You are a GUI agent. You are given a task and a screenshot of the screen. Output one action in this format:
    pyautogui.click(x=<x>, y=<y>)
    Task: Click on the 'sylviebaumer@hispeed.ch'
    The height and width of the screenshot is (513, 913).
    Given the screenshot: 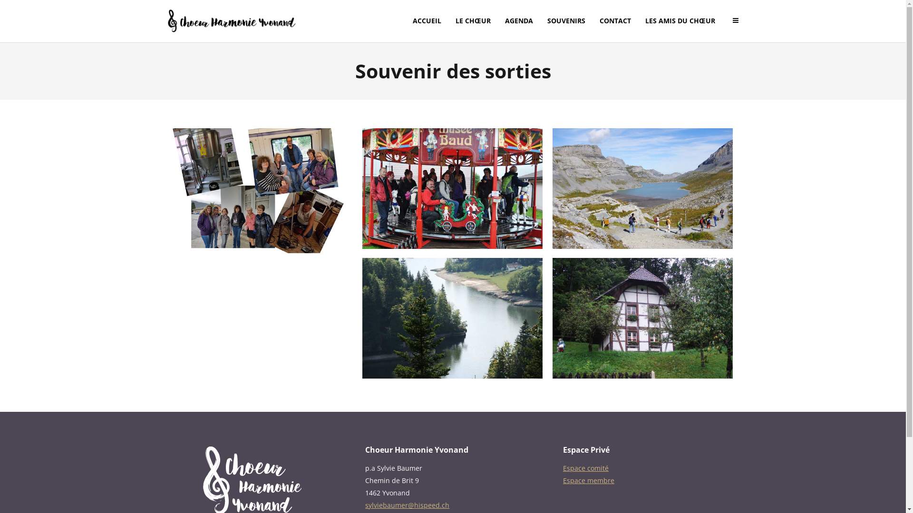 What is the action you would take?
    pyautogui.click(x=407, y=504)
    